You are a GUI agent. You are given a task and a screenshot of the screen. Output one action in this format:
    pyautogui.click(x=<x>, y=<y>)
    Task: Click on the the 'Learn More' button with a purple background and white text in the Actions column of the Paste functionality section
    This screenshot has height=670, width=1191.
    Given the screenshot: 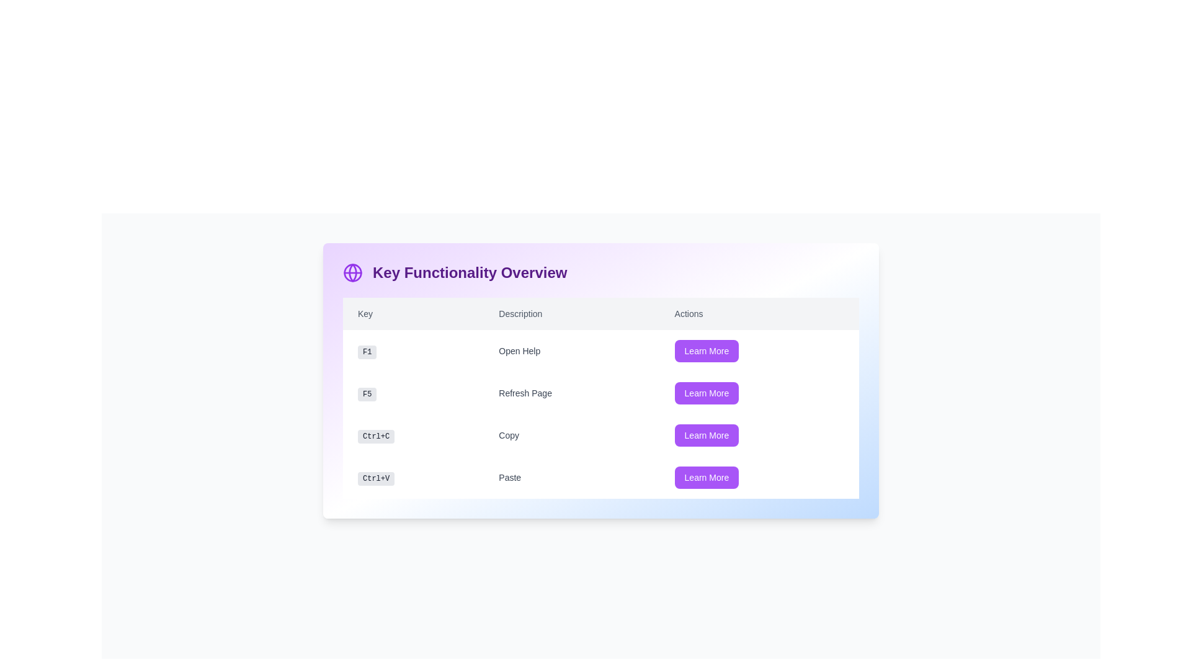 What is the action you would take?
    pyautogui.click(x=707, y=477)
    